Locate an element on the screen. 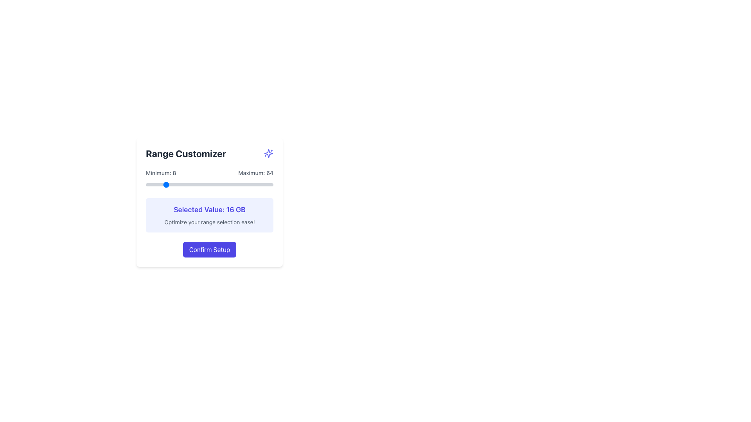 The height and width of the screenshot is (422, 751). the slider value is located at coordinates (203, 185).